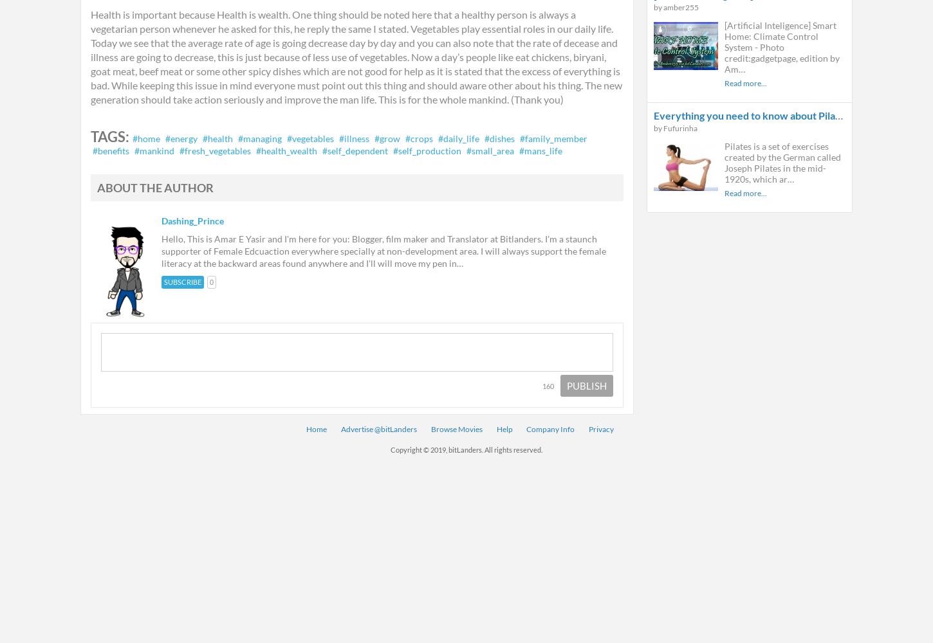 The height and width of the screenshot is (643, 933). Describe the element at coordinates (540, 150) in the screenshot. I see `'#mans_life'` at that location.